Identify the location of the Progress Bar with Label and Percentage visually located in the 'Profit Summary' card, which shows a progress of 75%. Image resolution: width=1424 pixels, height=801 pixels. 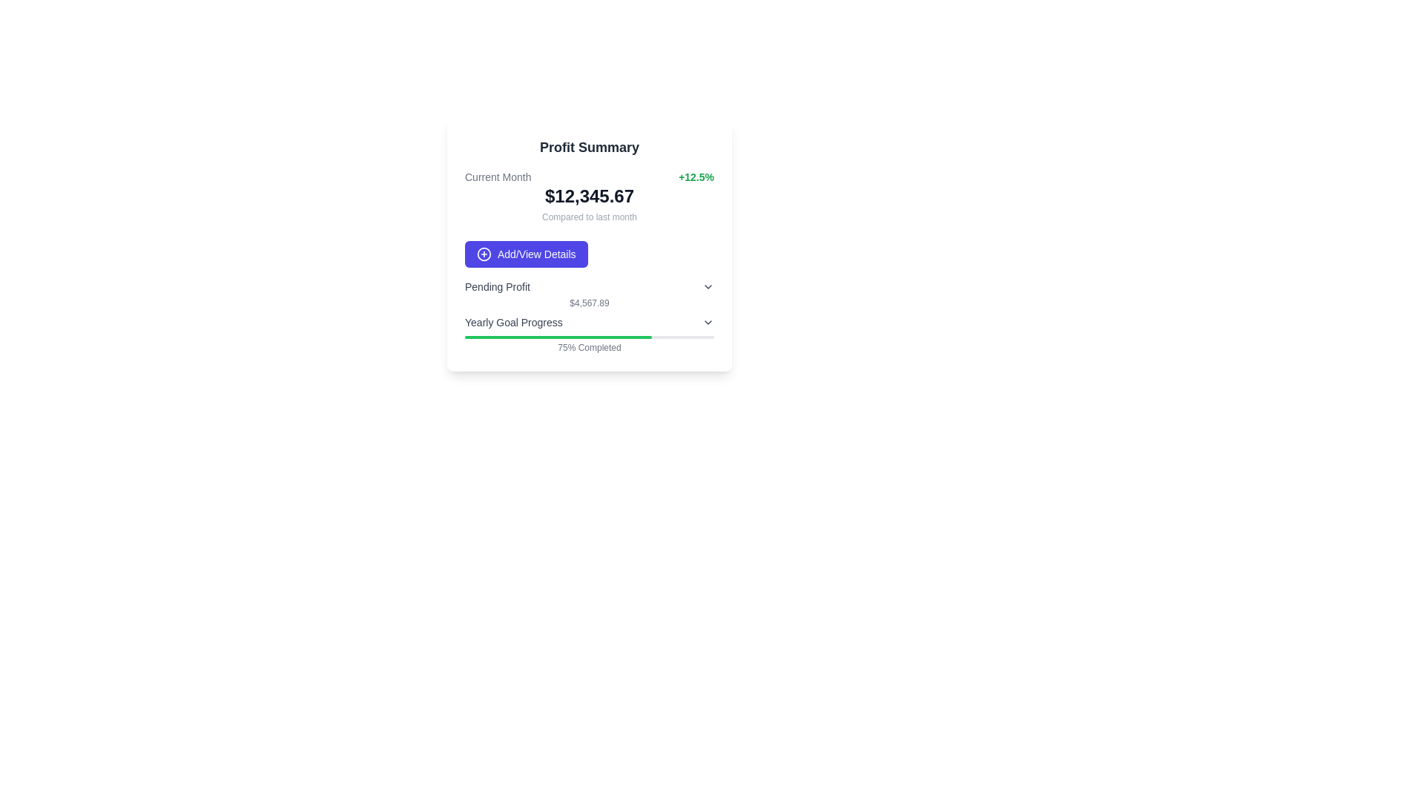
(589, 334).